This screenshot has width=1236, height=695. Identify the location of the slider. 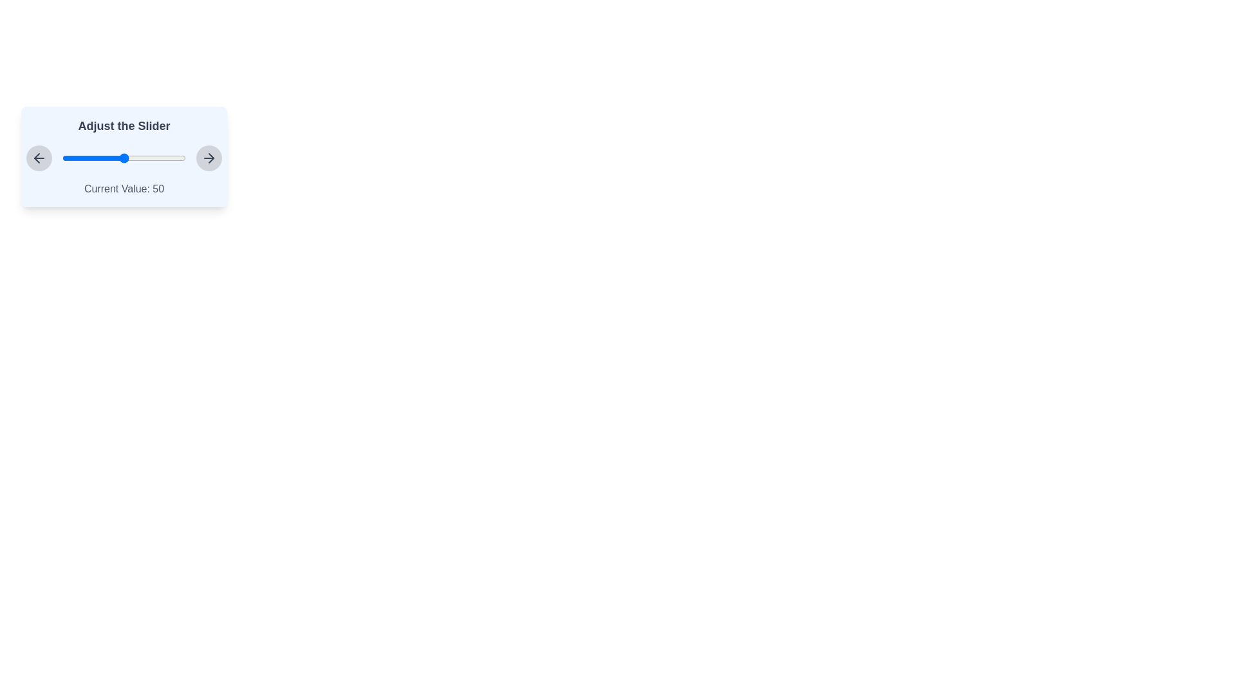
(149, 158).